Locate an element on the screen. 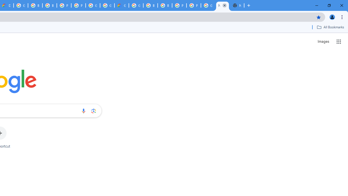 The height and width of the screenshot is (196, 348). 'Browse Chrome as a guest - Computer - Google Chrome Help' is located at coordinates (150, 5).